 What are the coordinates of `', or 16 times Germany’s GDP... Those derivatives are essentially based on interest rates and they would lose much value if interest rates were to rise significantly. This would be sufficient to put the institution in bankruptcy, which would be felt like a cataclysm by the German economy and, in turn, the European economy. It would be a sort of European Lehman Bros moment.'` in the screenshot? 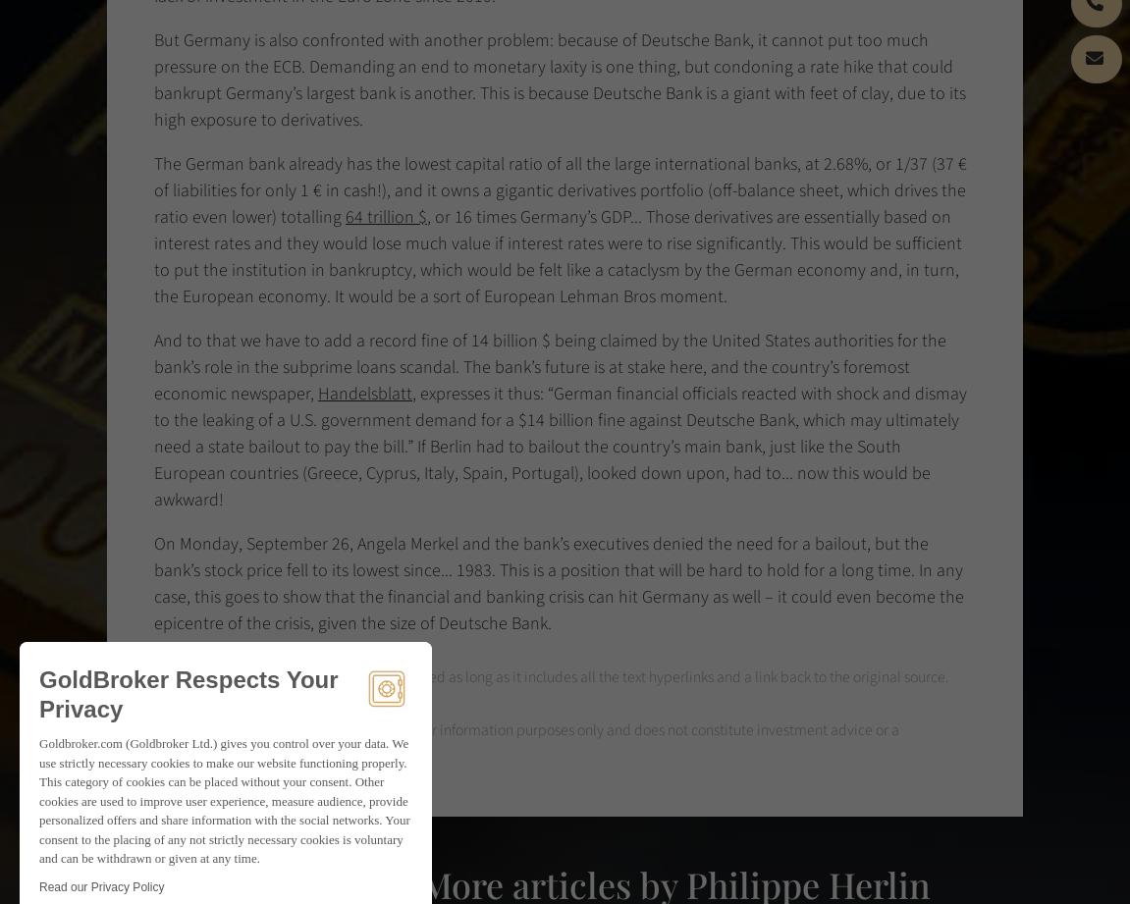 It's located at (557, 256).